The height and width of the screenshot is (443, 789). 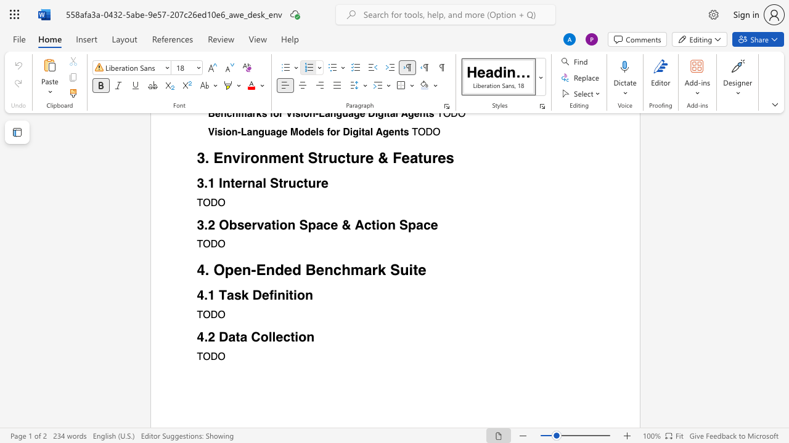 I want to click on the space between the continuous character "n" and "c" in the text, so click(x=333, y=269).